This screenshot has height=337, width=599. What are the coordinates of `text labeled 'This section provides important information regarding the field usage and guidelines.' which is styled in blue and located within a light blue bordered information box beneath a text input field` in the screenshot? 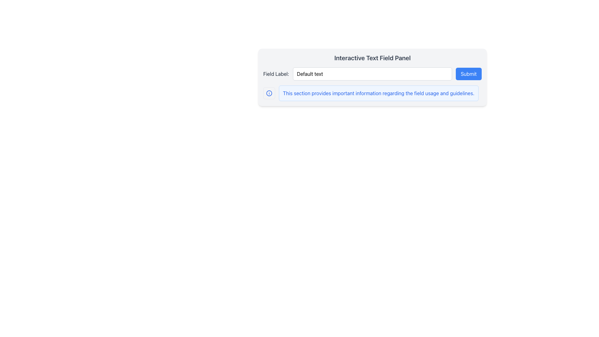 It's located at (378, 93).